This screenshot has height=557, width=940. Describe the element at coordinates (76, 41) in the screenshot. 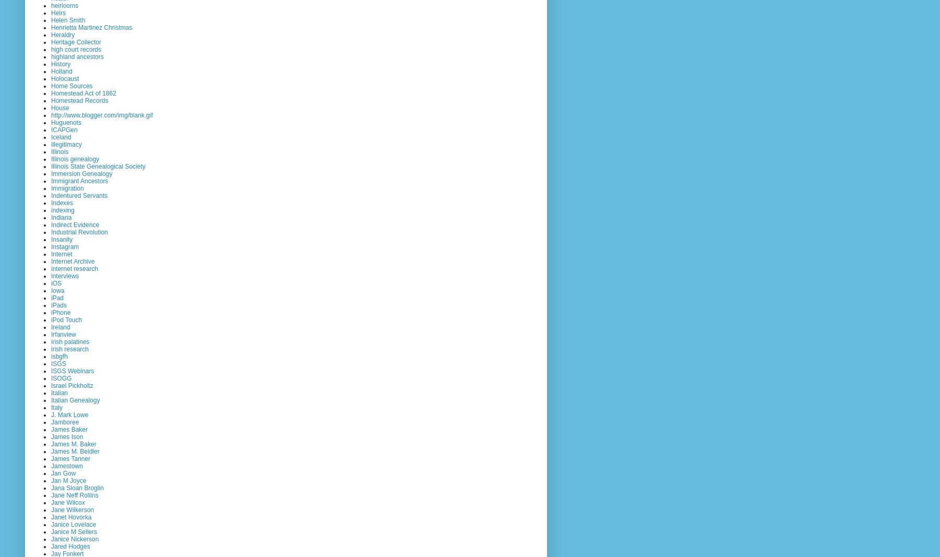

I see `'Heritage Collector'` at that location.